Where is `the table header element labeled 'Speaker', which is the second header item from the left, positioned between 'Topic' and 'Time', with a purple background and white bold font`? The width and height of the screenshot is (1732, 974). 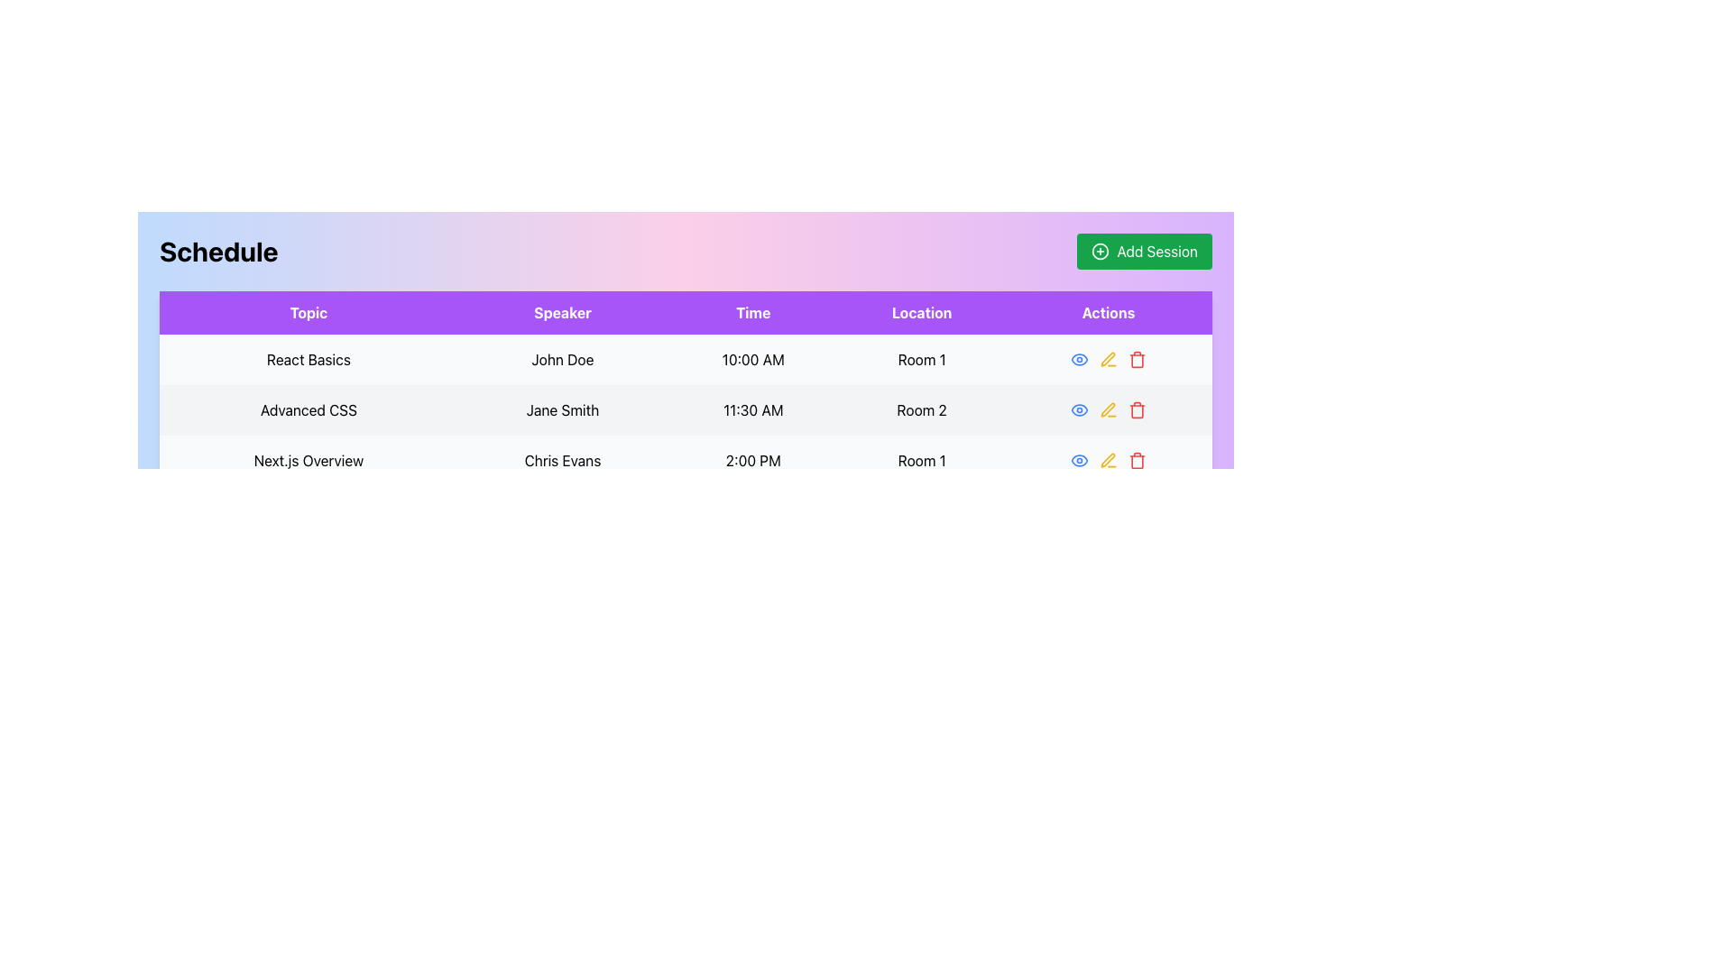
the table header element labeled 'Speaker', which is the second header item from the left, positioned between 'Topic' and 'Time', with a purple background and white bold font is located at coordinates (562, 312).